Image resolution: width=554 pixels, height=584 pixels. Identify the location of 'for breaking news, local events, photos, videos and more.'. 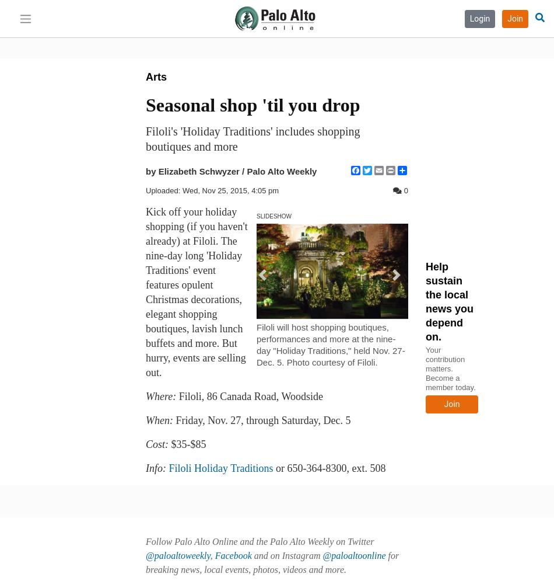
(272, 562).